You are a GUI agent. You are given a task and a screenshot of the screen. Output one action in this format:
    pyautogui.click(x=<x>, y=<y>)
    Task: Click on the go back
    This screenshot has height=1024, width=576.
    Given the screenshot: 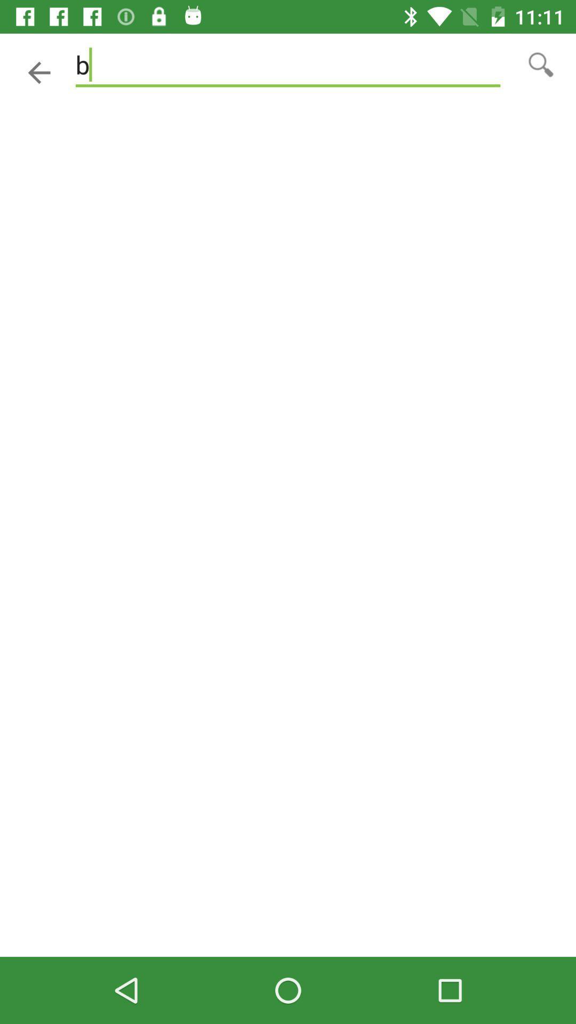 What is the action you would take?
    pyautogui.click(x=38, y=72)
    